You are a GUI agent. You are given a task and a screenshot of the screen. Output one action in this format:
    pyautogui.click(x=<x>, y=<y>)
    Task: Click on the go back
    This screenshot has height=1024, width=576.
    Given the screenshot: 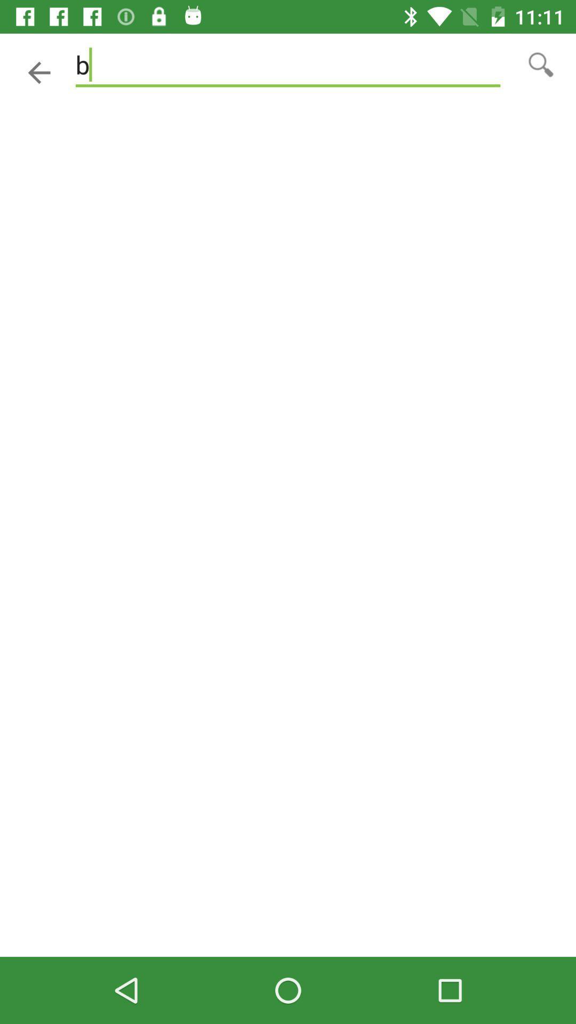 What is the action you would take?
    pyautogui.click(x=38, y=72)
    